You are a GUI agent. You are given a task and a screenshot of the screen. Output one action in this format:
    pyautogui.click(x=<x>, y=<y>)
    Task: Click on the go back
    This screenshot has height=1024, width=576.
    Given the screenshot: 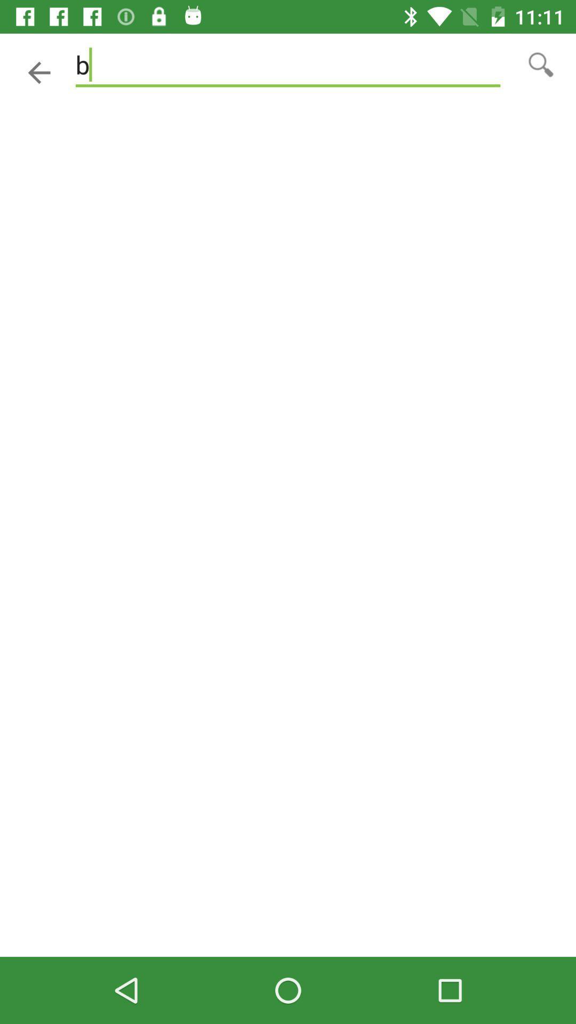 What is the action you would take?
    pyautogui.click(x=38, y=72)
    